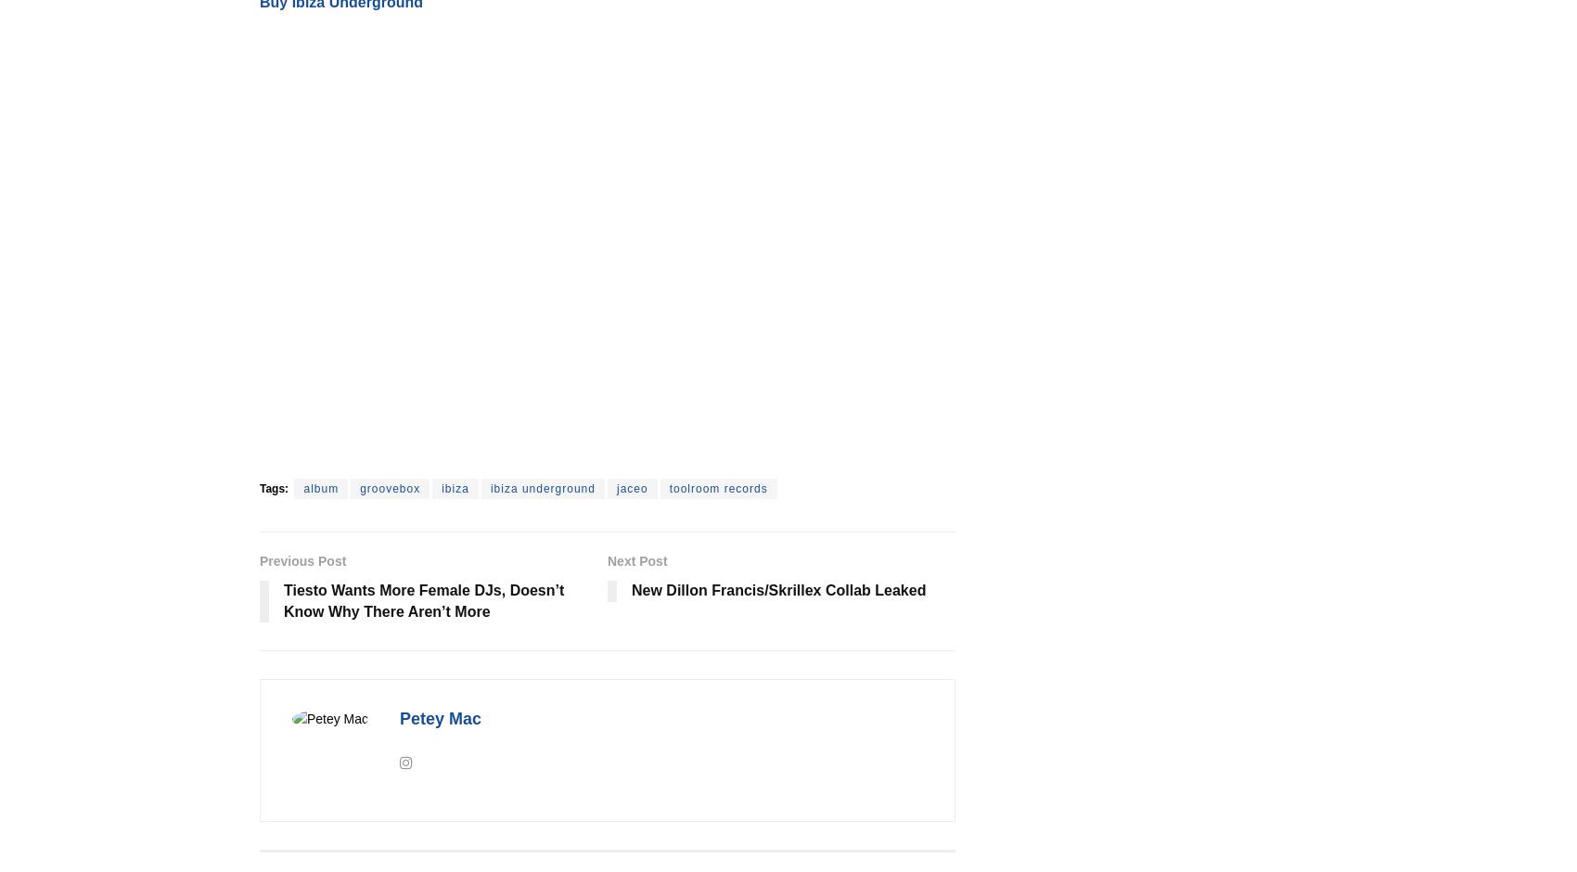  Describe the element at coordinates (440, 718) in the screenshot. I see `'Petey Mac'` at that location.